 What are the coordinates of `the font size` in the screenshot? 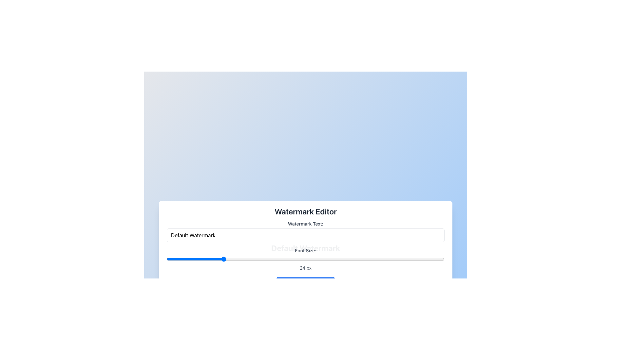 It's located at (250, 259).